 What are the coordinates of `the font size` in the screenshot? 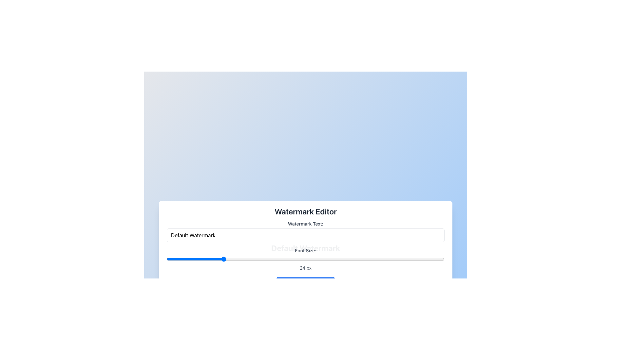 It's located at (250, 259).